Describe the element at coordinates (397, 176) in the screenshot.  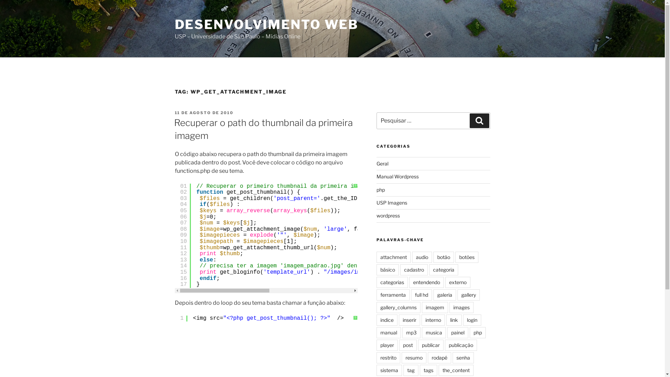
I see `'Manual Wordpress'` at that location.